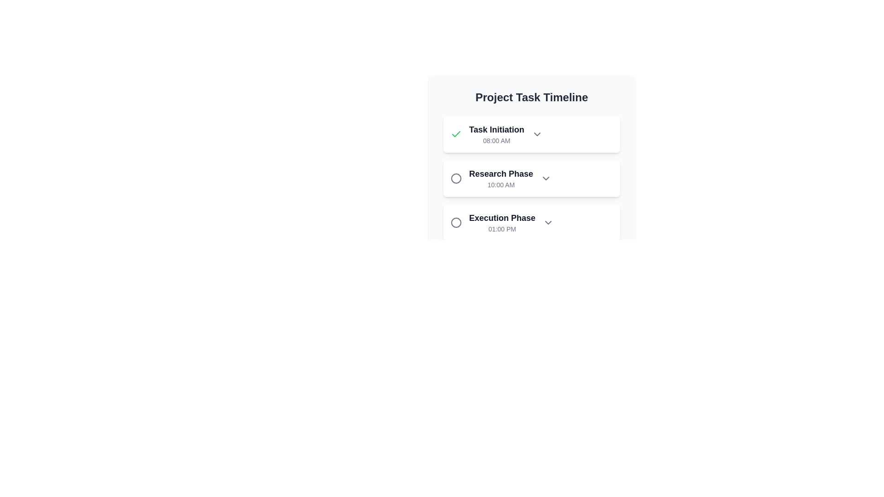  I want to click on the circular gray icon located to the left of the 'Execution Phase' entry in the timeline list, so click(456, 222).